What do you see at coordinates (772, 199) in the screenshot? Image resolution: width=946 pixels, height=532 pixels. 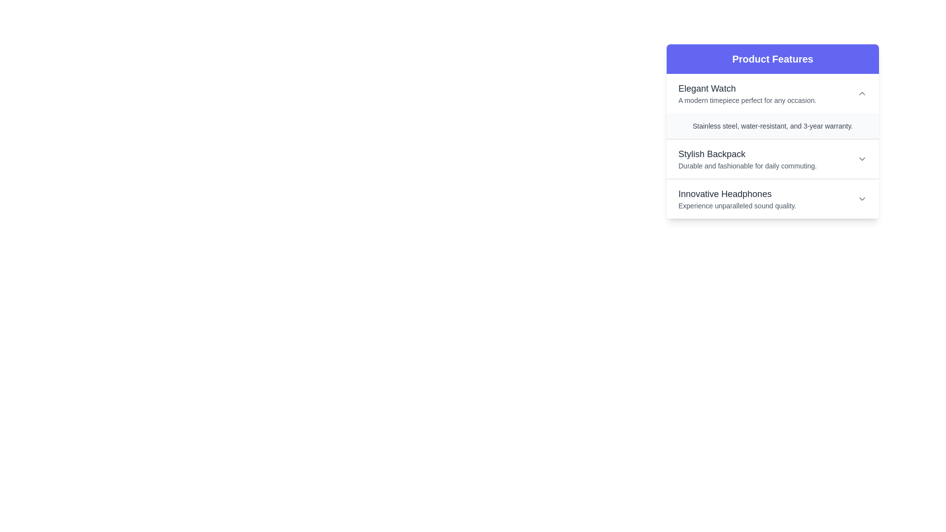 I see `the 'Innovative Headphones' button in the 'Product Features' section` at bounding box center [772, 199].